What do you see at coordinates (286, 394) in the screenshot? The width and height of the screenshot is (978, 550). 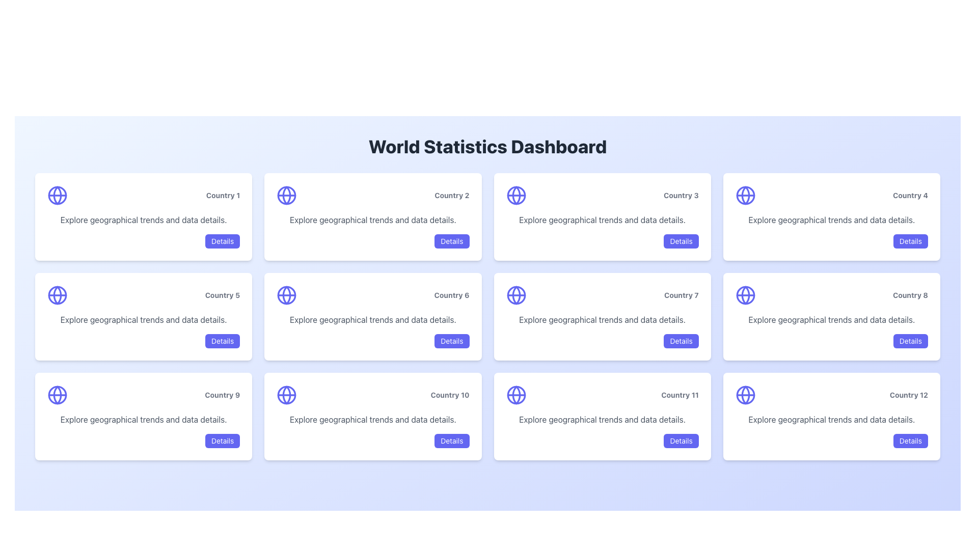 I see `the geographical icon representing 'Country 10' located in the bottom row of the grid, second column from the left` at bounding box center [286, 394].